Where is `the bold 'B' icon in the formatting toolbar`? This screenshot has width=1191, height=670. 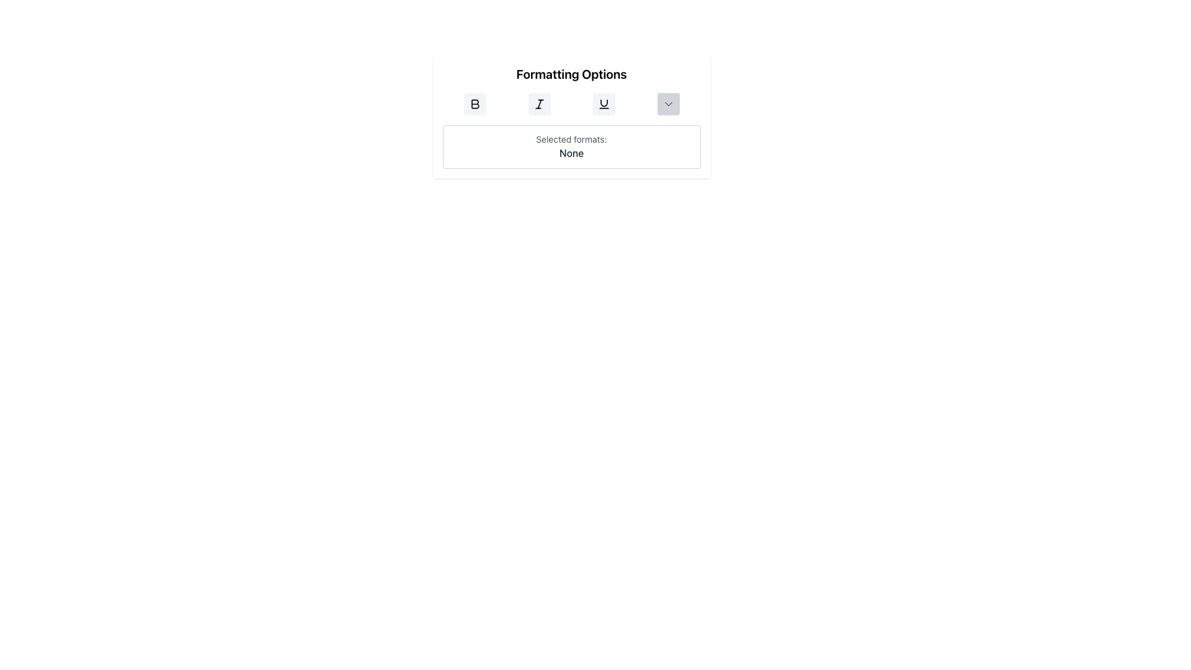
the bold 'B' icon in the formatting toolbar is located at coordinates (474, 104).